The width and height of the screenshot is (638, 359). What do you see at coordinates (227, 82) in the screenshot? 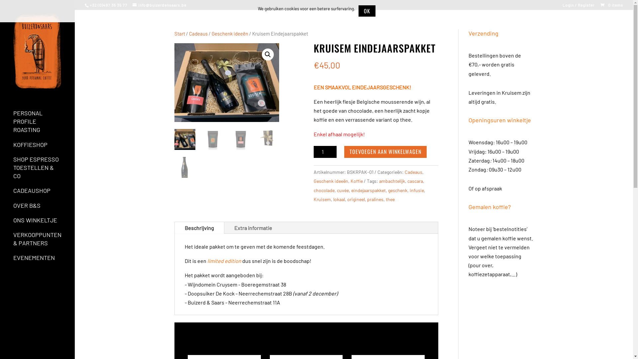
I see `'Eindejaarspakket'` at bounding box center [227, 82].